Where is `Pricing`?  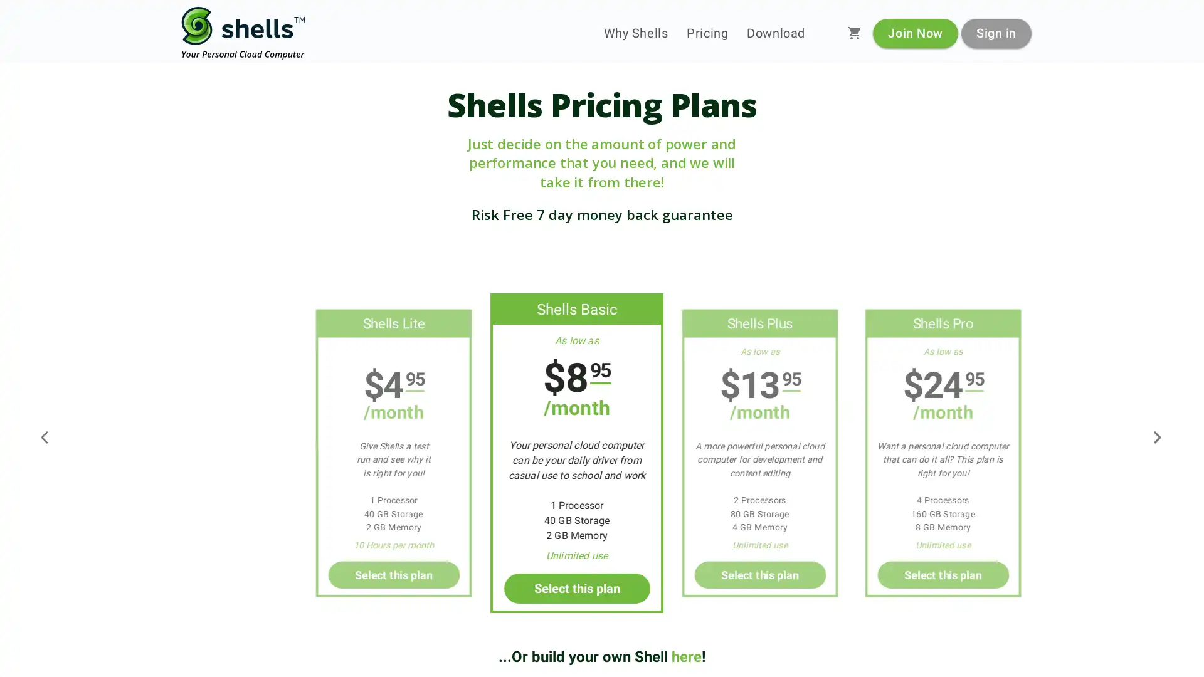
Pricing is located at coordinates (707, 33).